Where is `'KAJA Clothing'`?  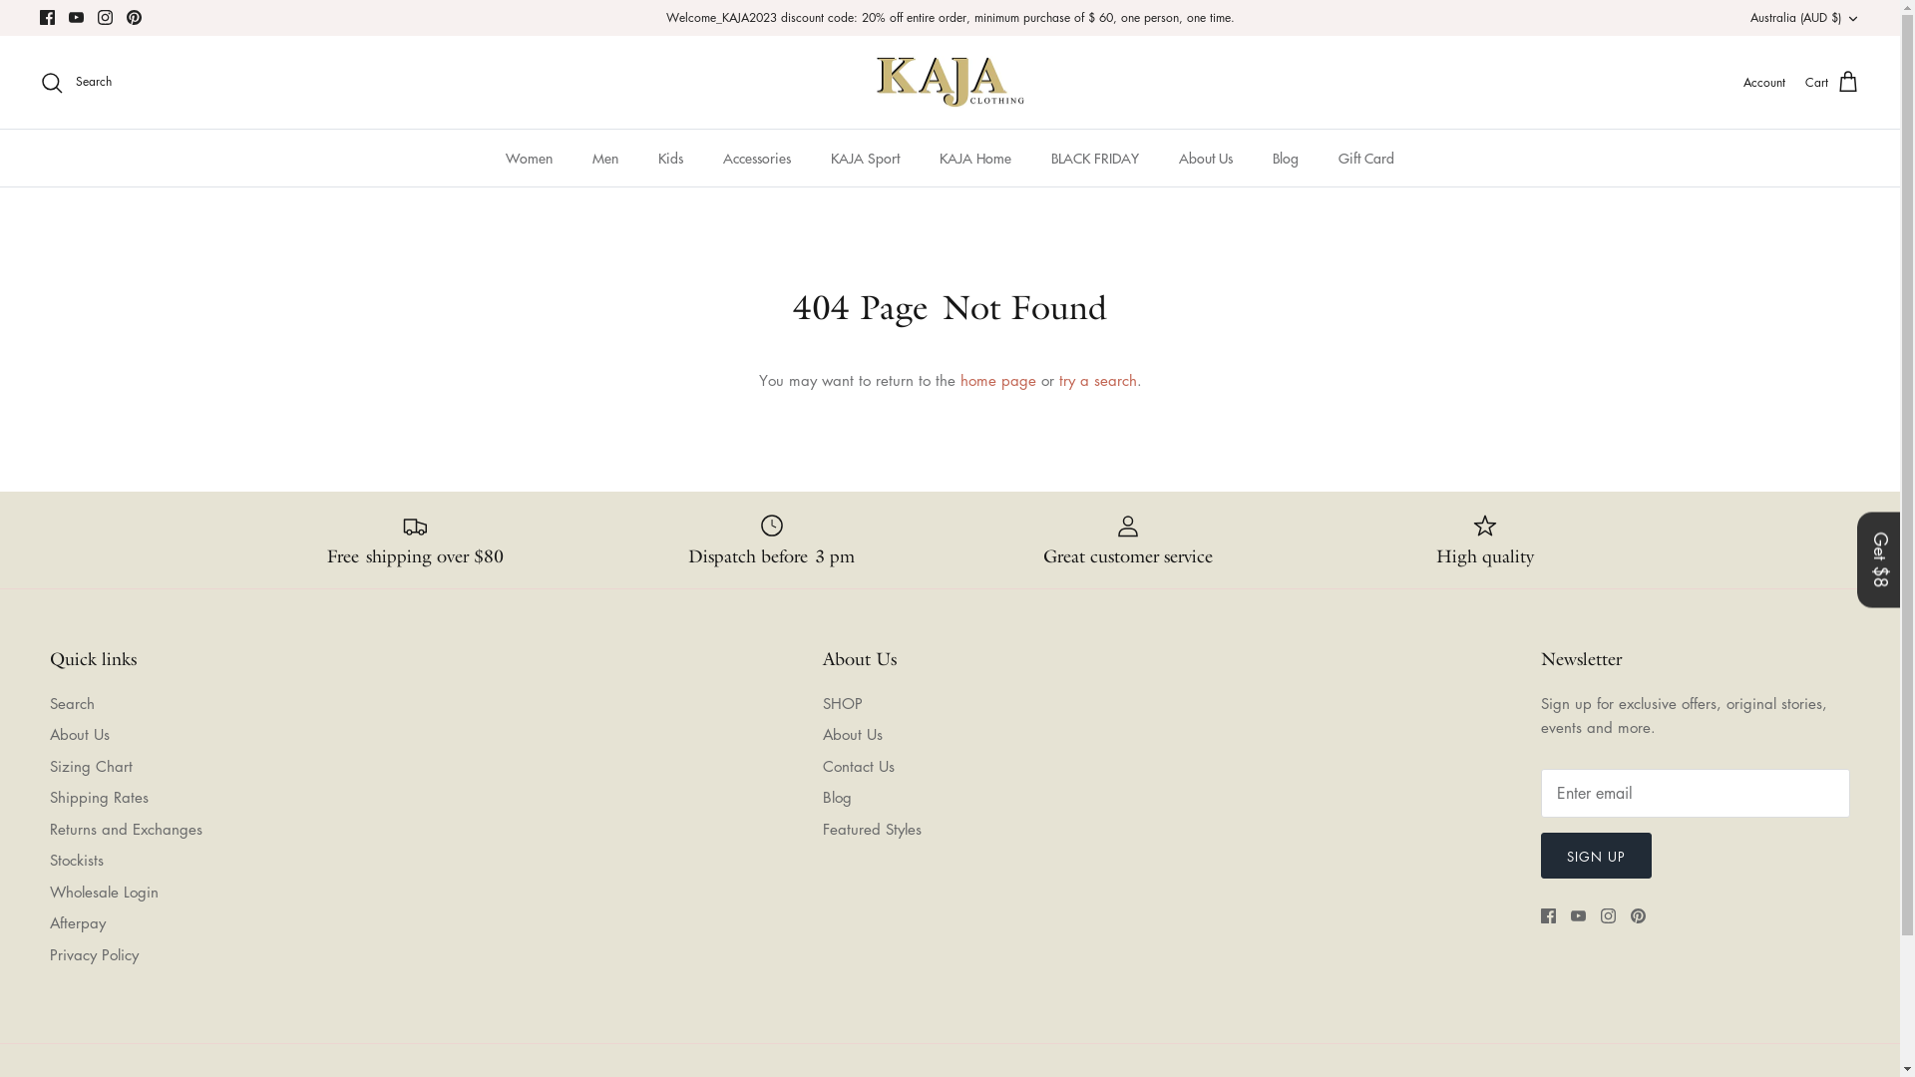
'KAJA Clothing' is located at coordinates (872, 82).